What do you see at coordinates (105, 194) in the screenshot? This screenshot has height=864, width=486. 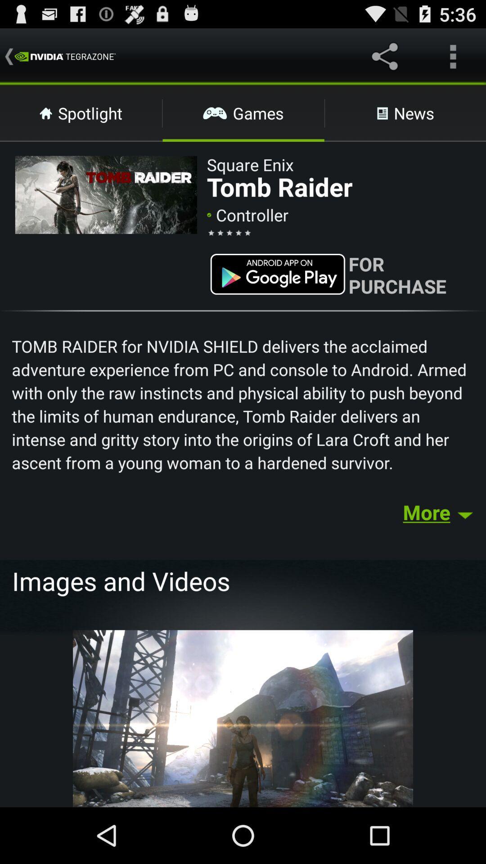 I see `the image below the spotlight` at bounding box center [105, 194].